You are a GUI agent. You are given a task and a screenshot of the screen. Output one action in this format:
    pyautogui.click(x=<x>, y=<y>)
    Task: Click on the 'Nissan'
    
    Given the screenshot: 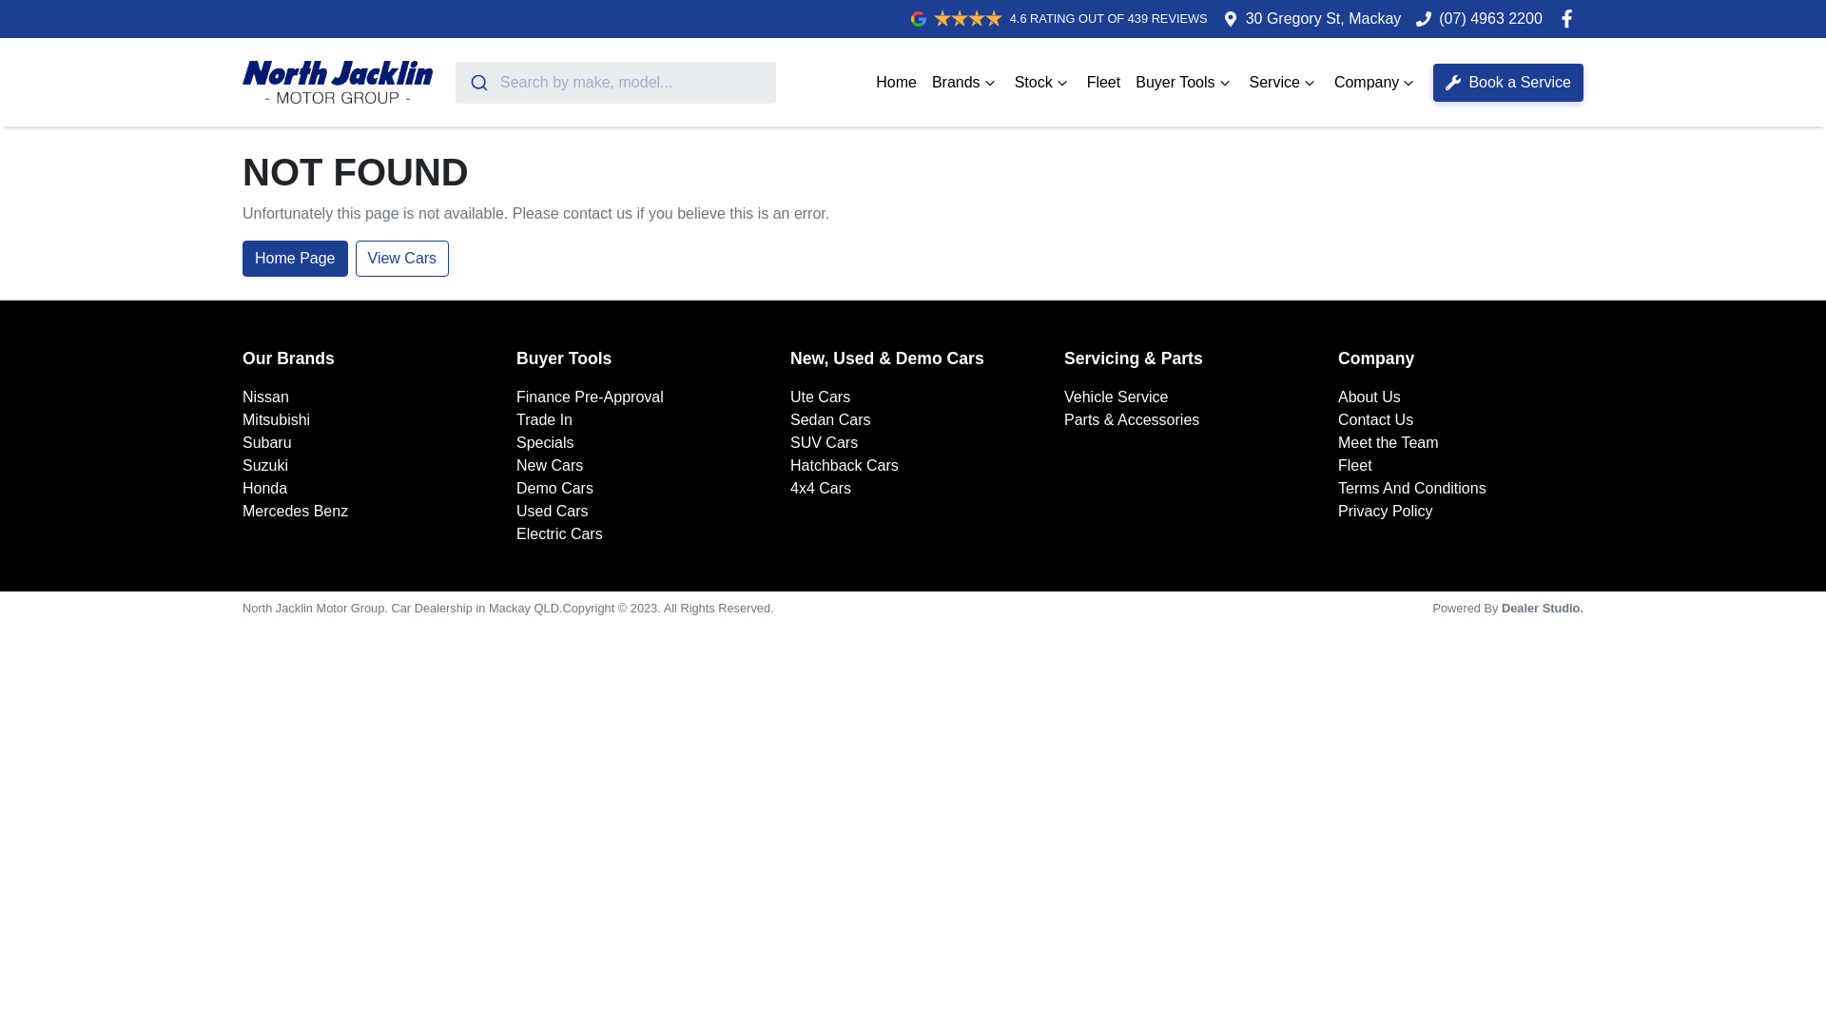 What is the action you would take?
    pyautogui.click(x=264, y=396)
    